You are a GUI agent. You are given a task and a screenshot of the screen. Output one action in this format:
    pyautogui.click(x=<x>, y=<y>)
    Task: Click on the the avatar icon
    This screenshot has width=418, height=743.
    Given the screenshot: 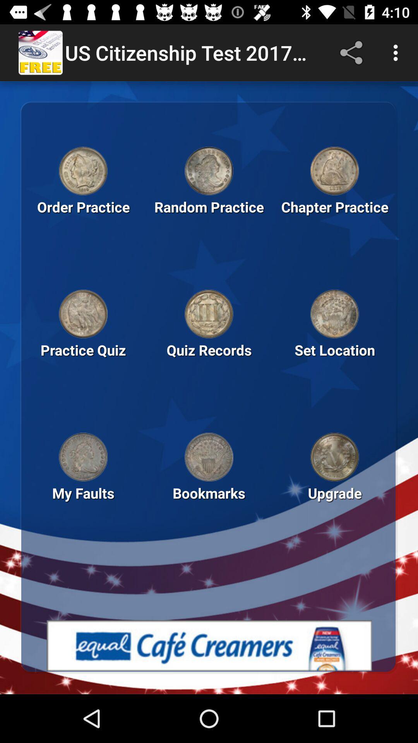 What is the action you would take?
    pyautogui.click(x=209, y=314)
    